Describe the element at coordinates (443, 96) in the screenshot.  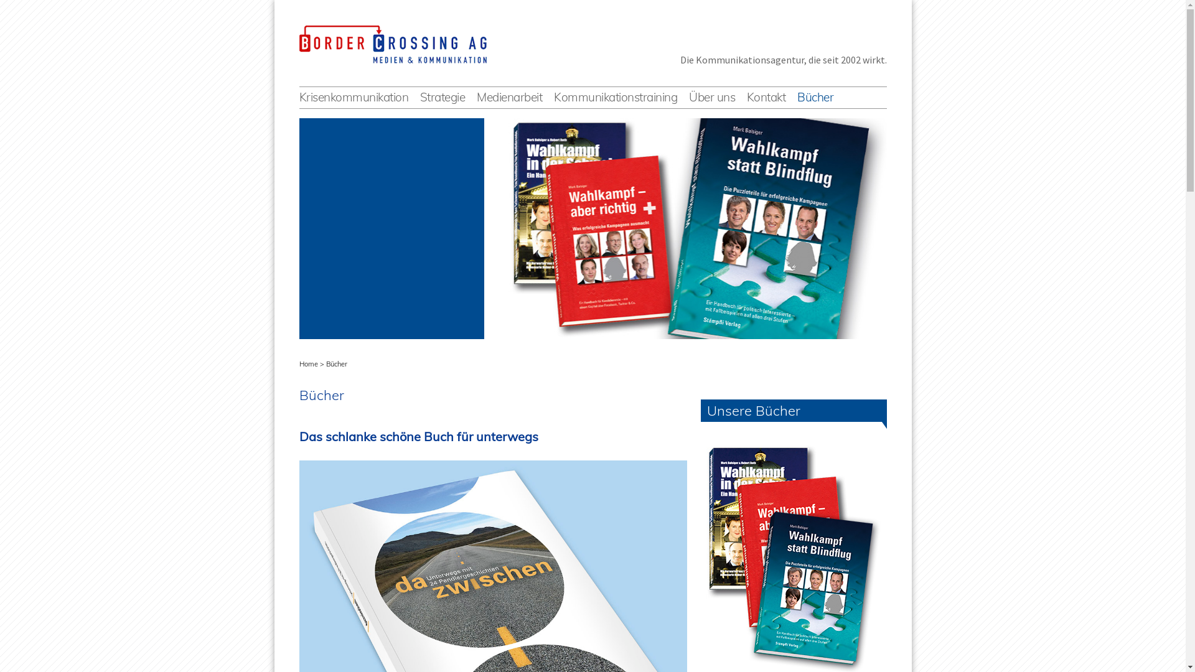
I see `'Strategie'` at that location.